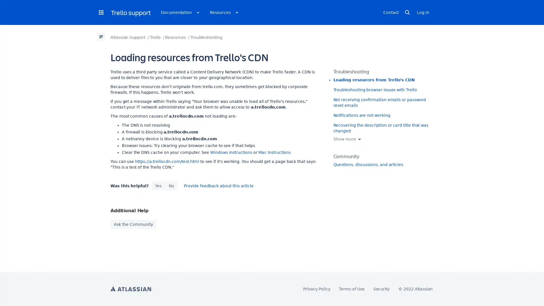 The image size is (544, 306). I want to click on open page tree, so click(101, 37).